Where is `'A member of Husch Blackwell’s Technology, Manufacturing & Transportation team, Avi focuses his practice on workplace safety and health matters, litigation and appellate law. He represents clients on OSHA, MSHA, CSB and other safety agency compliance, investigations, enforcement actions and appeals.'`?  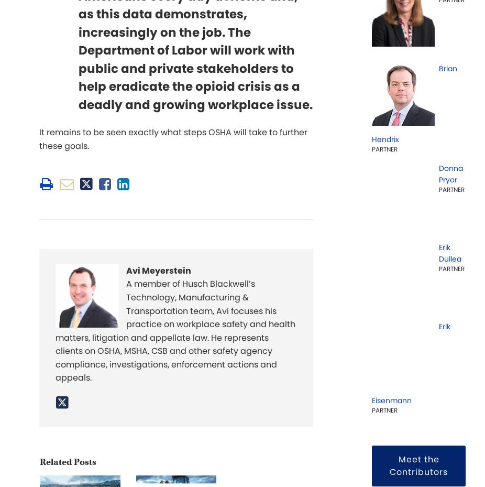
'A member of Husch Blackwell’s Technology, Manufacturing & Transportation team, Avi focuses his practice on workplace safety and health matters, litigation and appellate law. He represents clients on OSHA, MSHA, CSB and other safety agency compliance, investigations, enforcement actions and appeals.' is located at coordinates (175, 330).